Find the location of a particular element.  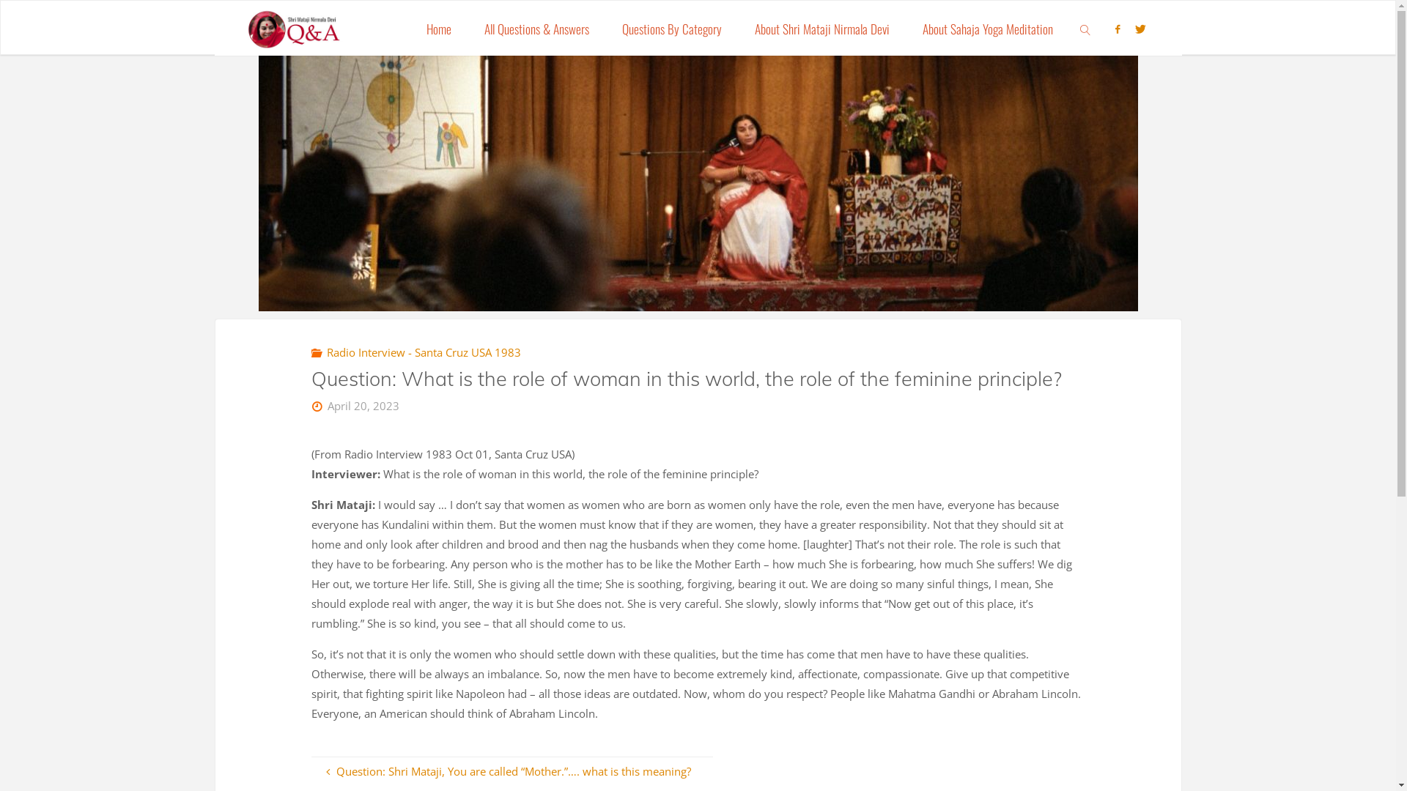

'Categories' is located at coordinates (317, 352).